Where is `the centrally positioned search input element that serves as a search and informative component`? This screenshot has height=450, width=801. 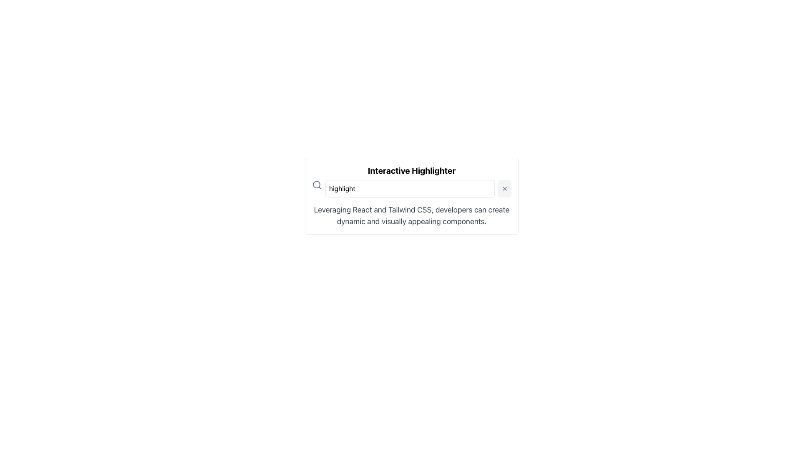 the centrally positioned search input element that serves as a search and informative component is located at coordinates (412, 196).